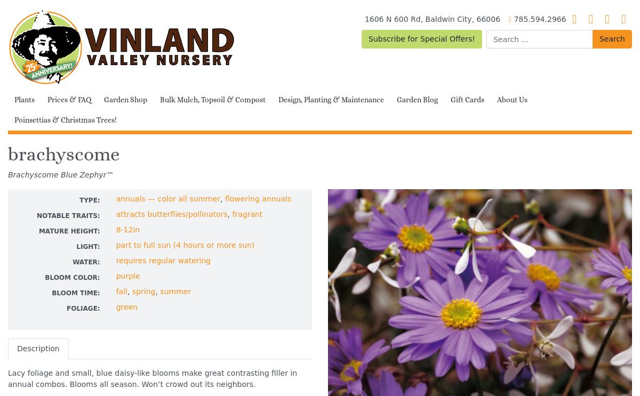 The width and height of the screenshot is (640, 396). I want to click on 'annuals — color all summer', so click(168, 198).